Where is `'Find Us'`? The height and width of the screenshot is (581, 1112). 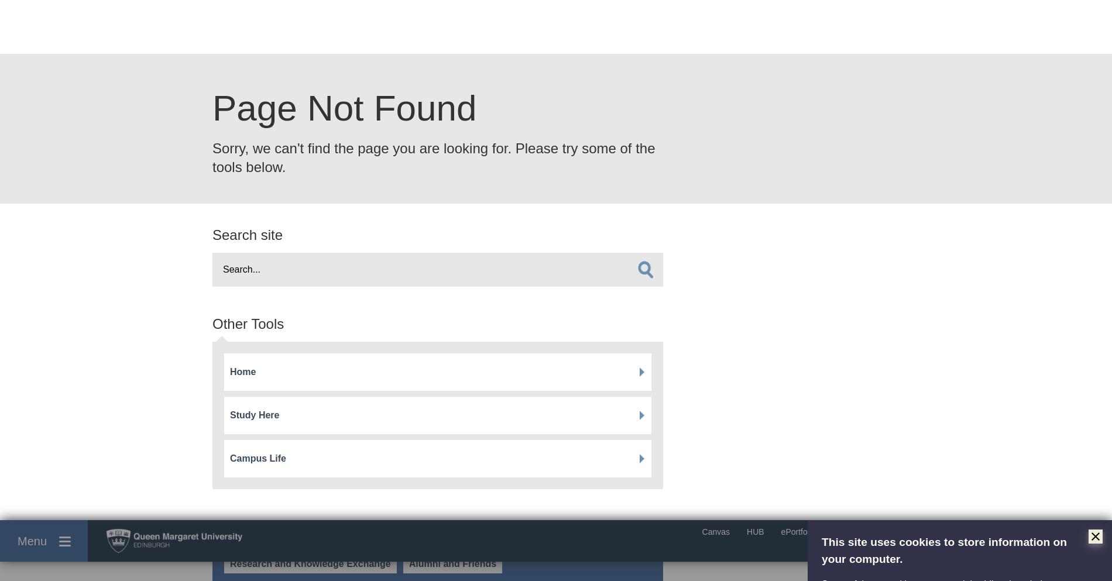
'Find Us' is located at coordinates (801, 472).